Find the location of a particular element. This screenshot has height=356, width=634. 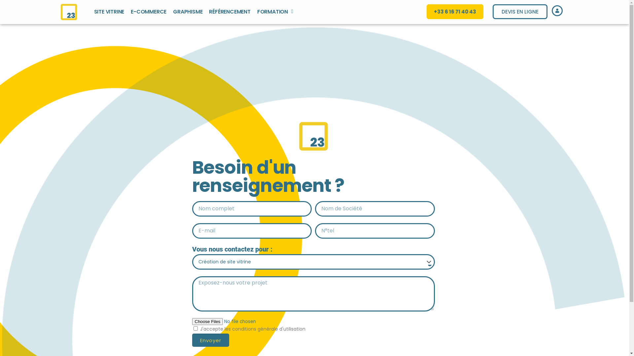

'DEVIS EN LIGNE' is located at coordinates (519, 12).